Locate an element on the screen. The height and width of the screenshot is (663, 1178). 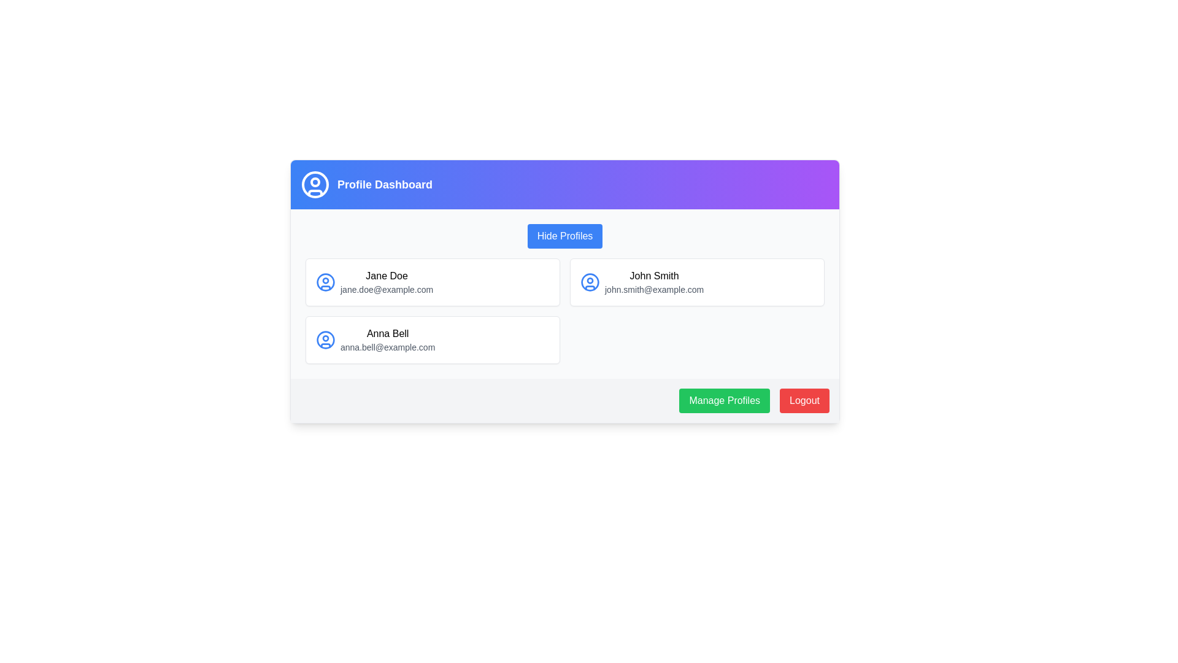
the green rectangular button labeled 'Manage Profiles' located in the lower-right corner of the interface is located at coordinates (725, 400).